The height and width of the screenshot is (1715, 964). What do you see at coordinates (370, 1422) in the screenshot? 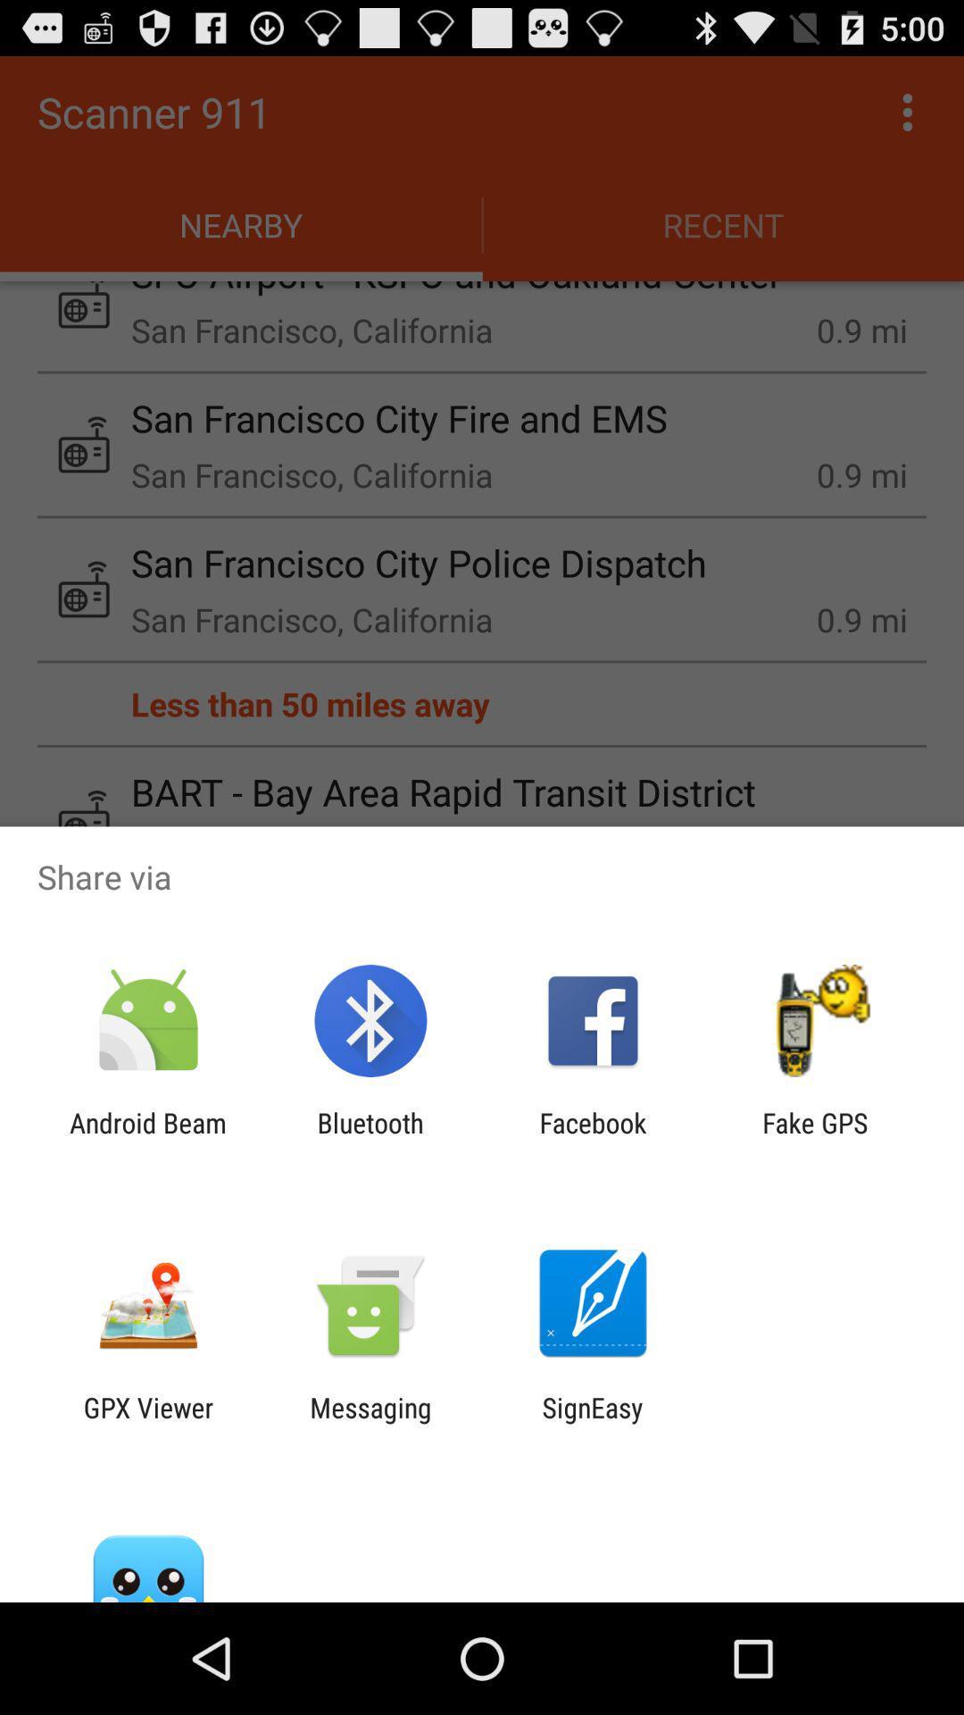
I see `messaging item` at bounding box center [370, 1422].